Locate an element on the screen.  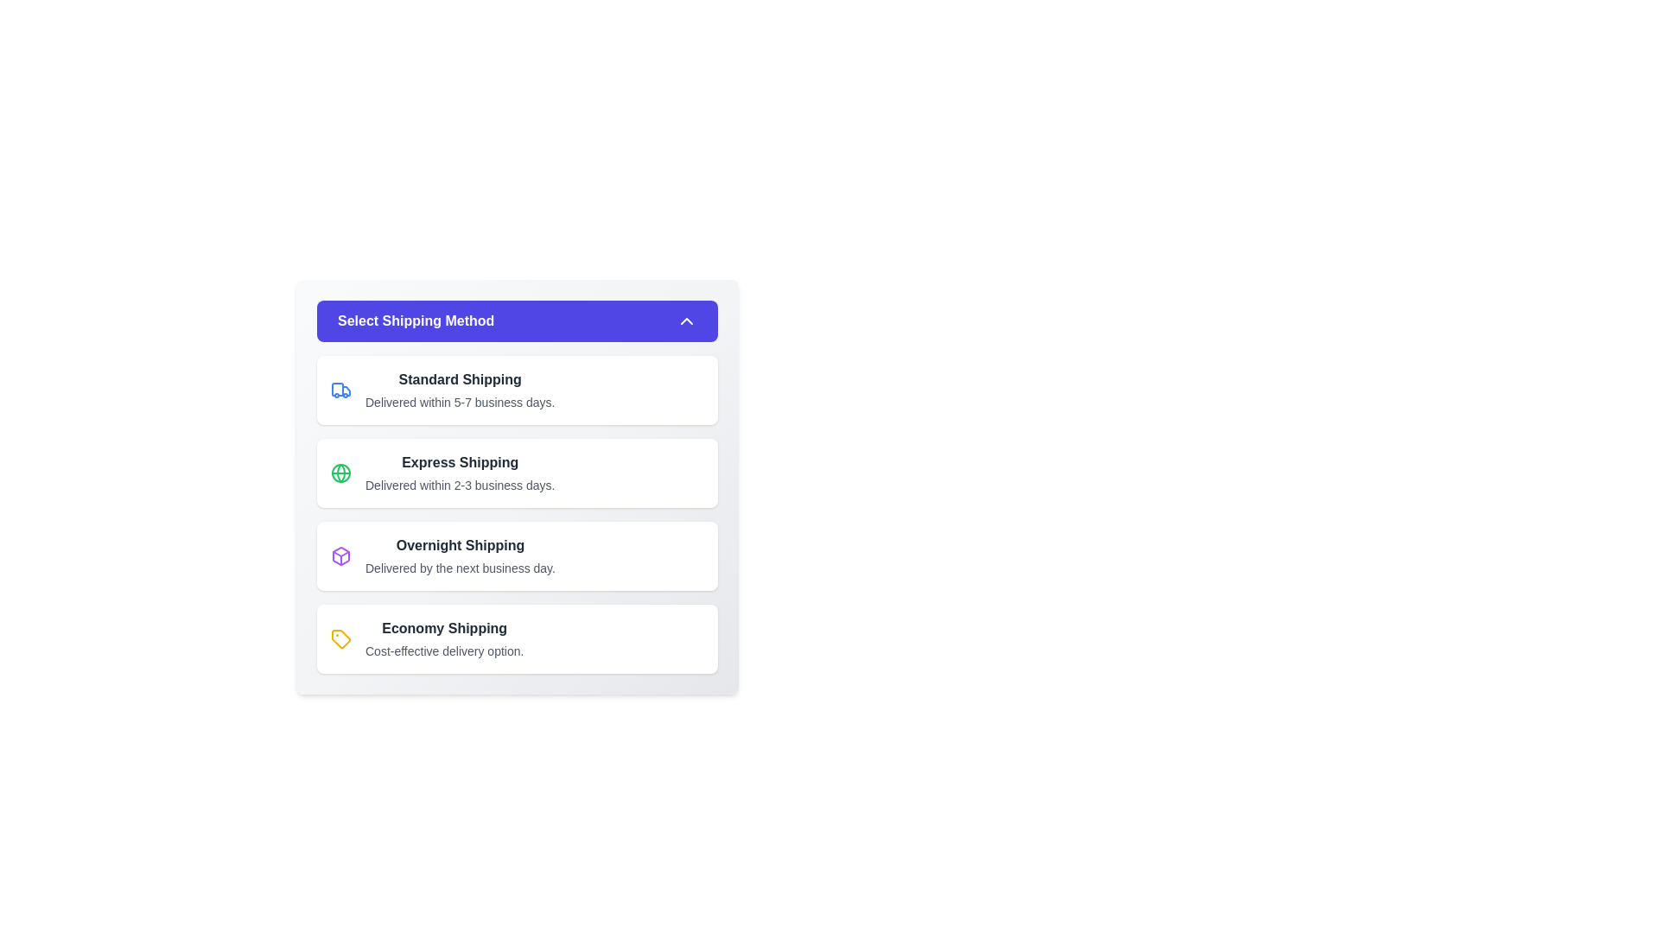
the 'Express Shipping' selectable option box is located at coordinates (517, 473).